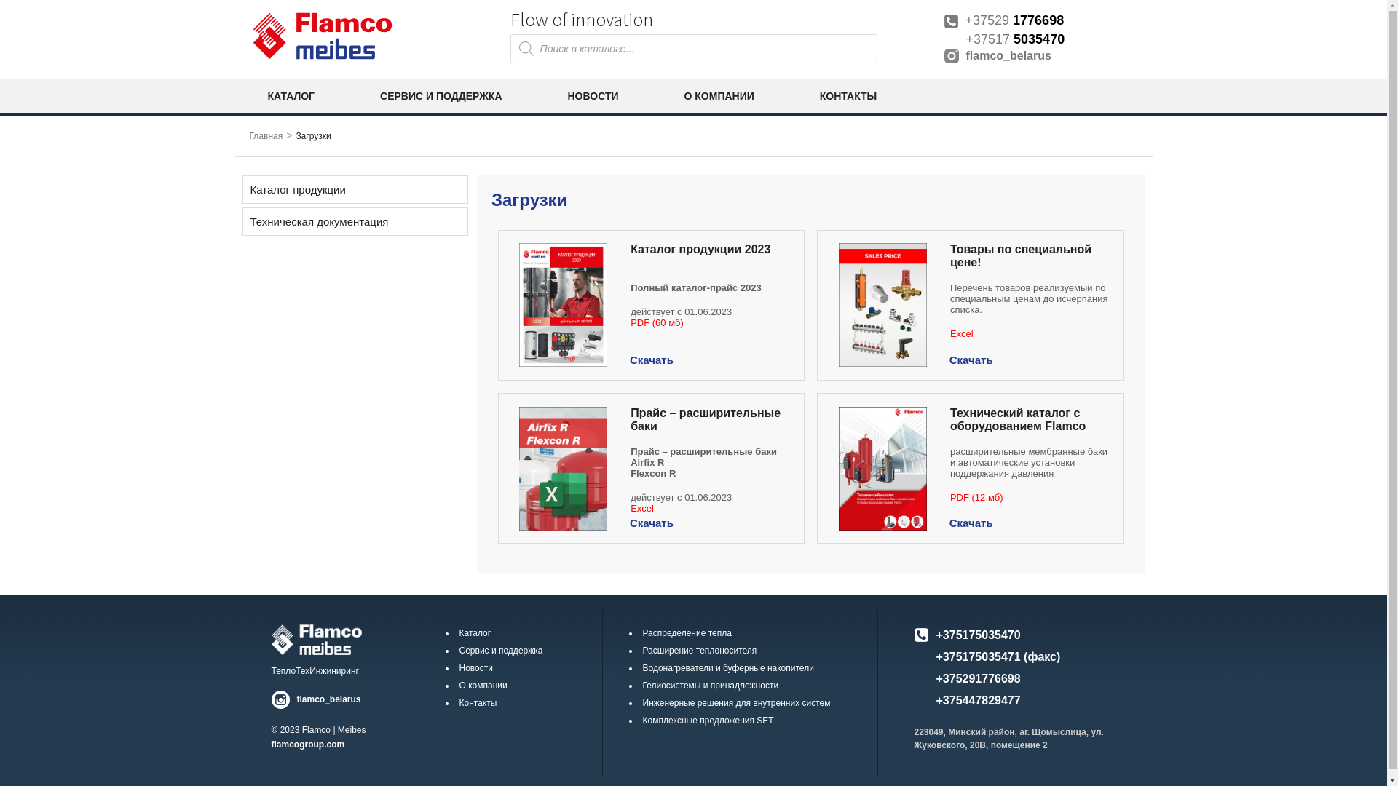 The width and height of the screenshot is (1398, 786). What do you see at coordinates (936, 699) in the screenshot?
I see `'+375447829477'` at bounding box center [936, 699].